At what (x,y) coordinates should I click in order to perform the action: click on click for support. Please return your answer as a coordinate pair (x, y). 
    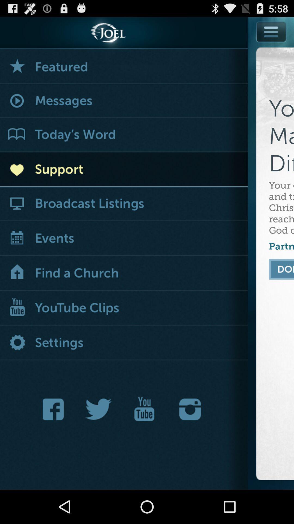
    Looking at the image, I should click on (124, 169).